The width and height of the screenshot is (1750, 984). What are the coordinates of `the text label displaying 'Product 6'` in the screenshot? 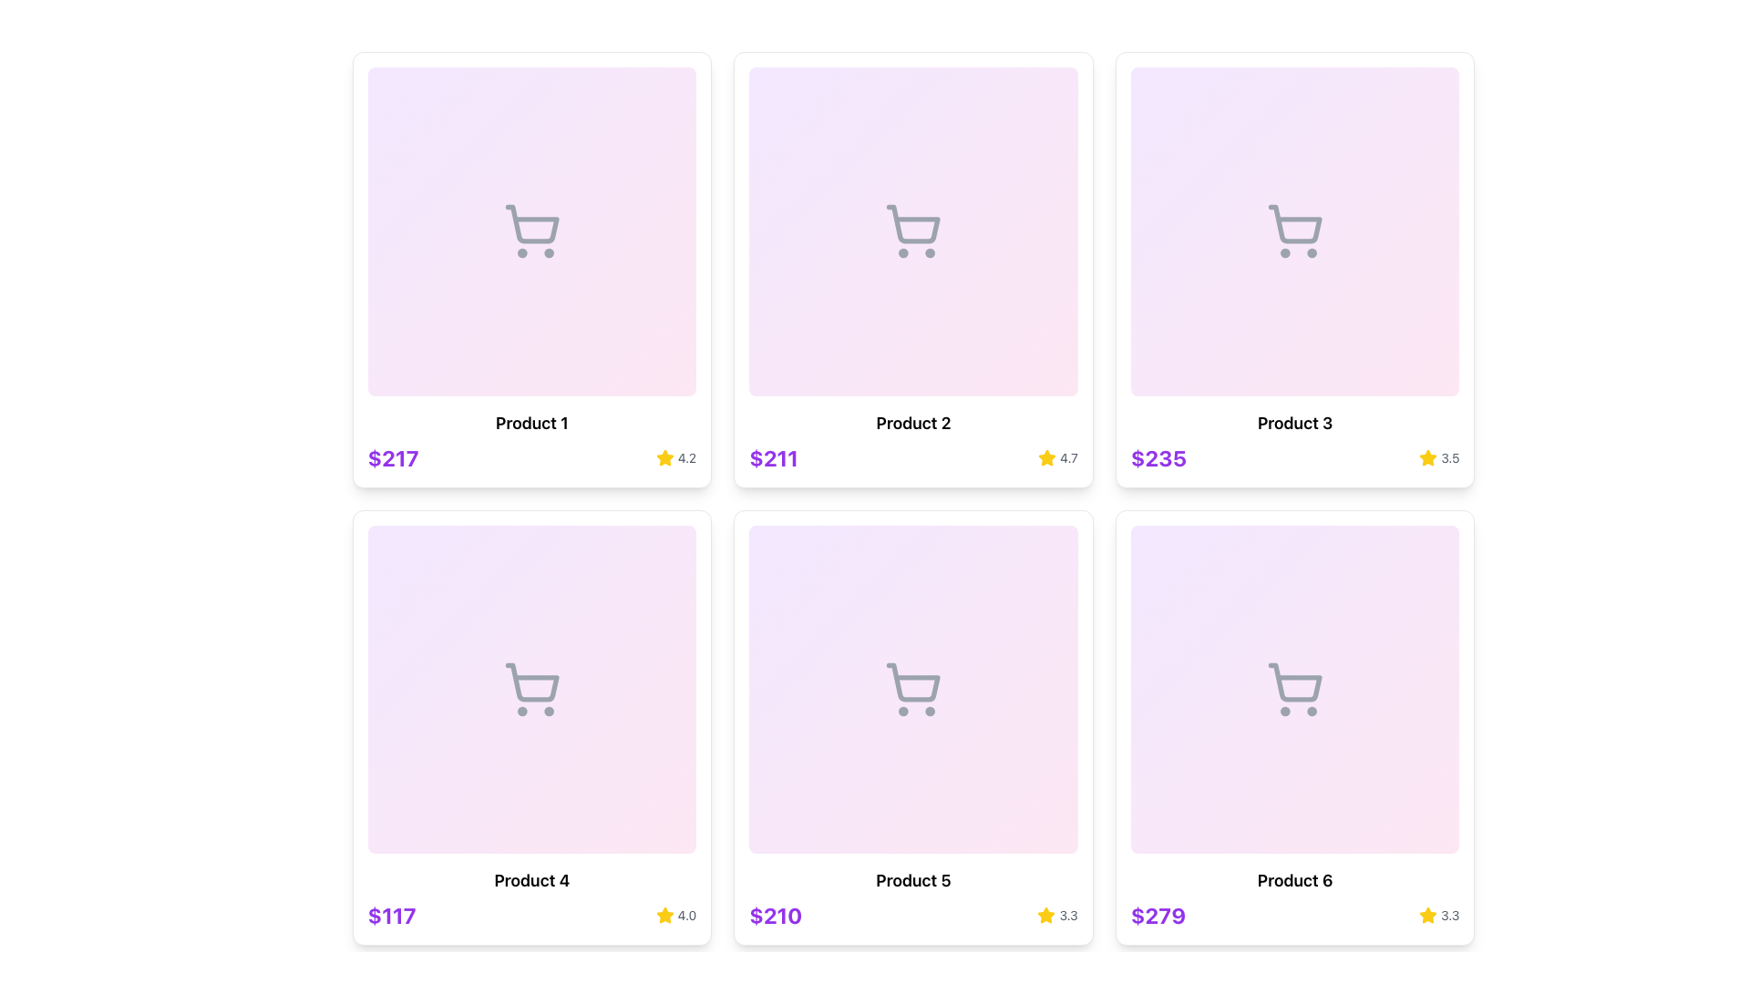 It's located at (1294, 880).